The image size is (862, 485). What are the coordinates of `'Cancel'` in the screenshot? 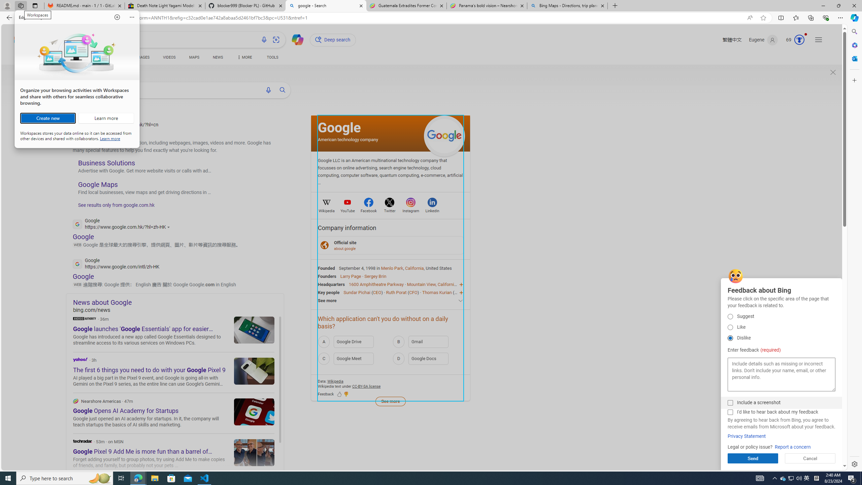 It's located at (810, 458).